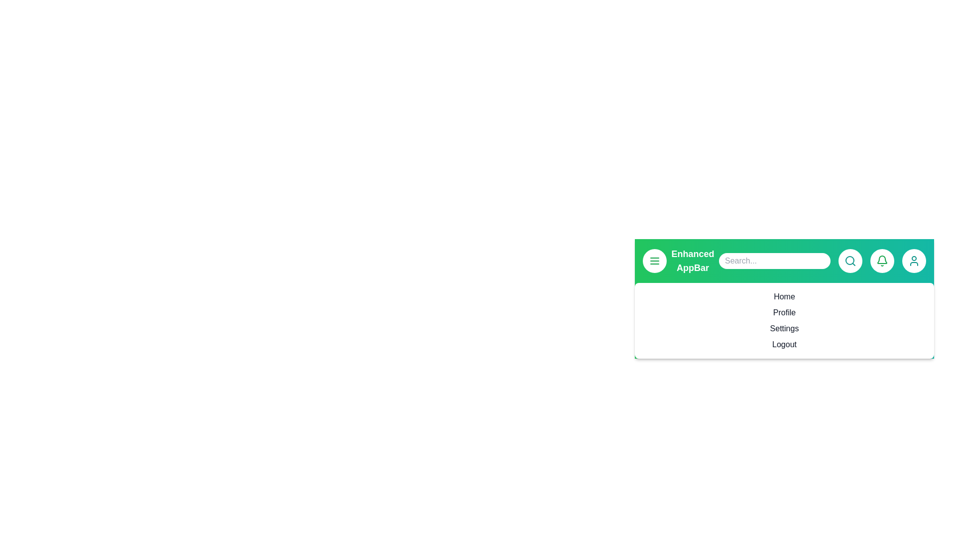 This screenshot has width=956, height=538. I want to click on the text label 'Enhanced AppBar', so click(692, 261).